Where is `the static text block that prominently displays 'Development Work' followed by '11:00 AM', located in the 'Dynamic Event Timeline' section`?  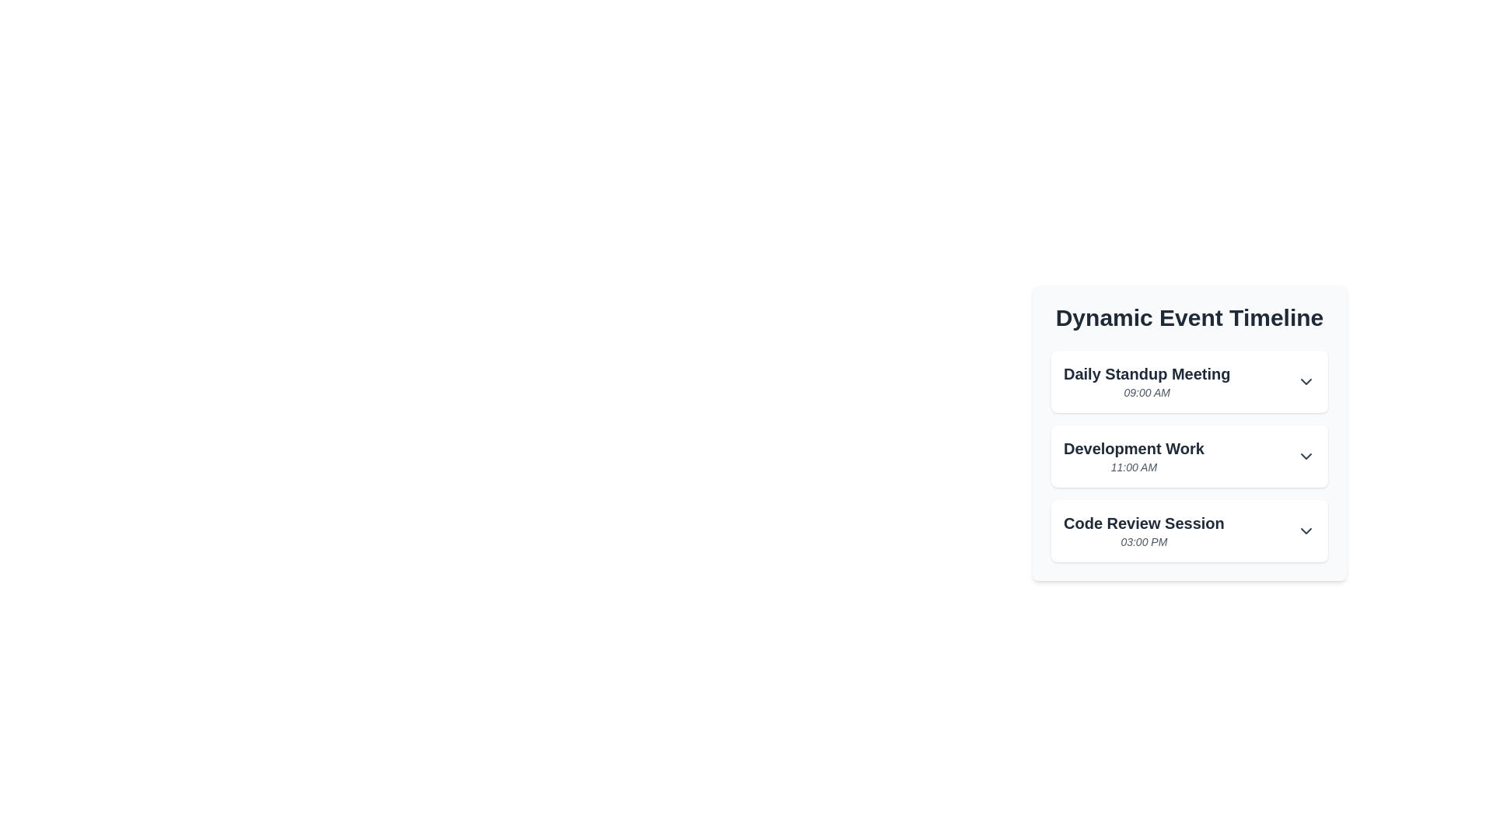 the static text block that prominently displays 'Development Work' followed by '11:00 AM', located in the 'Dynamic Event Timeline' section is located at coordinates (1134, 455).